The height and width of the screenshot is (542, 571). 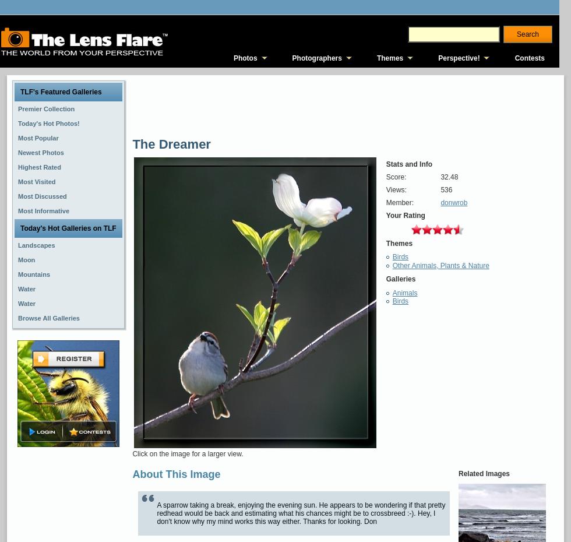 What do you see at coordinates (405, 214) in the screenshot?
I see `'Your Rating'` at bounding box center [405, 214].